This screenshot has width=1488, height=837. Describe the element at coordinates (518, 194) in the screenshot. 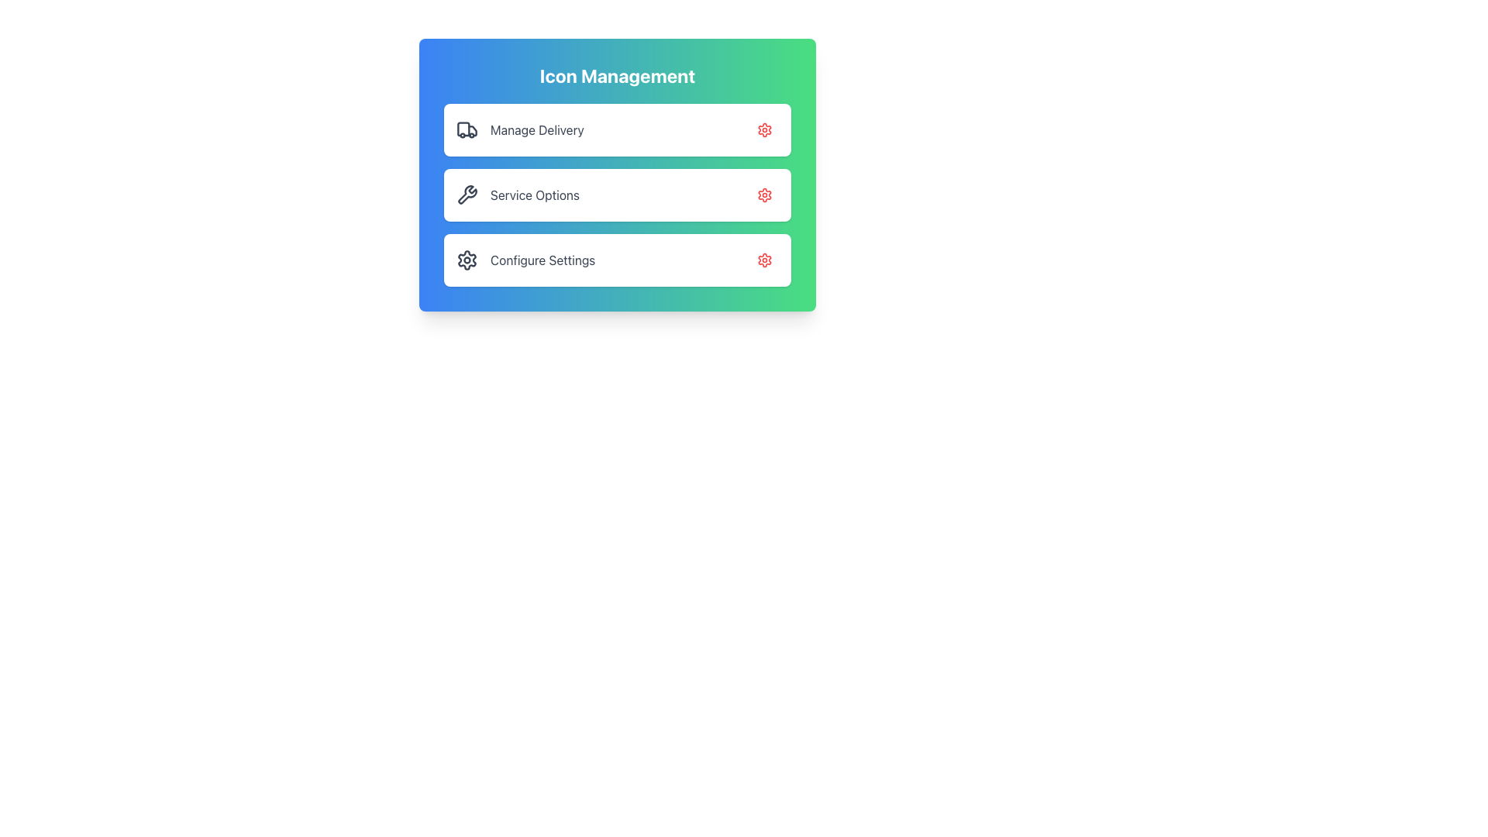

I see `the 'Service Options' label with an icon that guides users towards service settings, positioned centrally between 'Manage Delivery' and 'Configure Settings'` at that location.